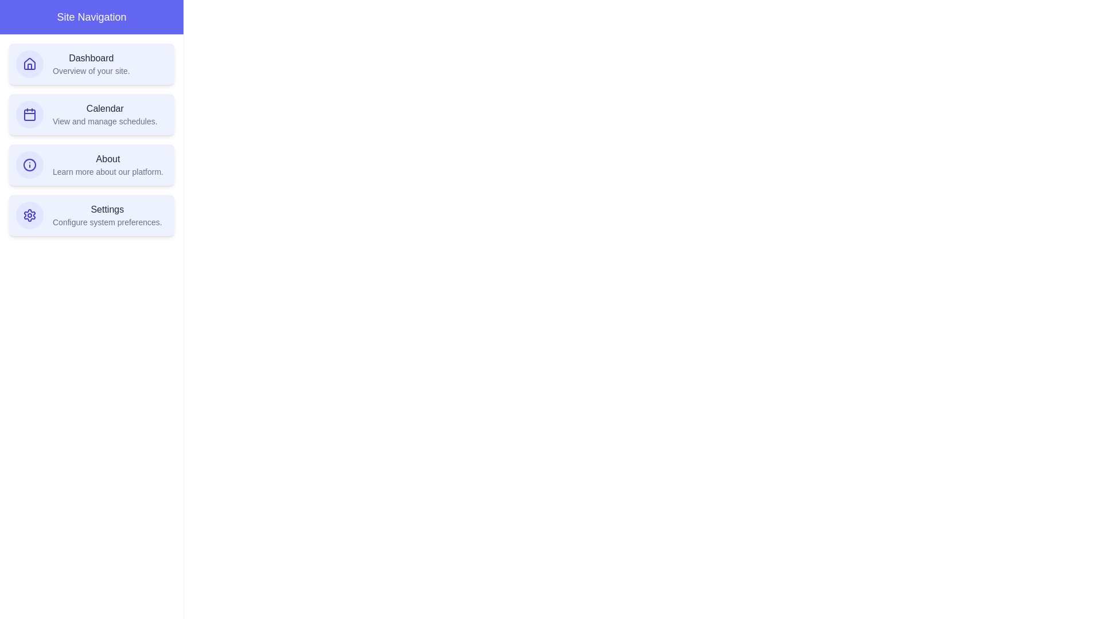  I want to click on the navigation item corresponding to Dashboard, so click(91, 64).